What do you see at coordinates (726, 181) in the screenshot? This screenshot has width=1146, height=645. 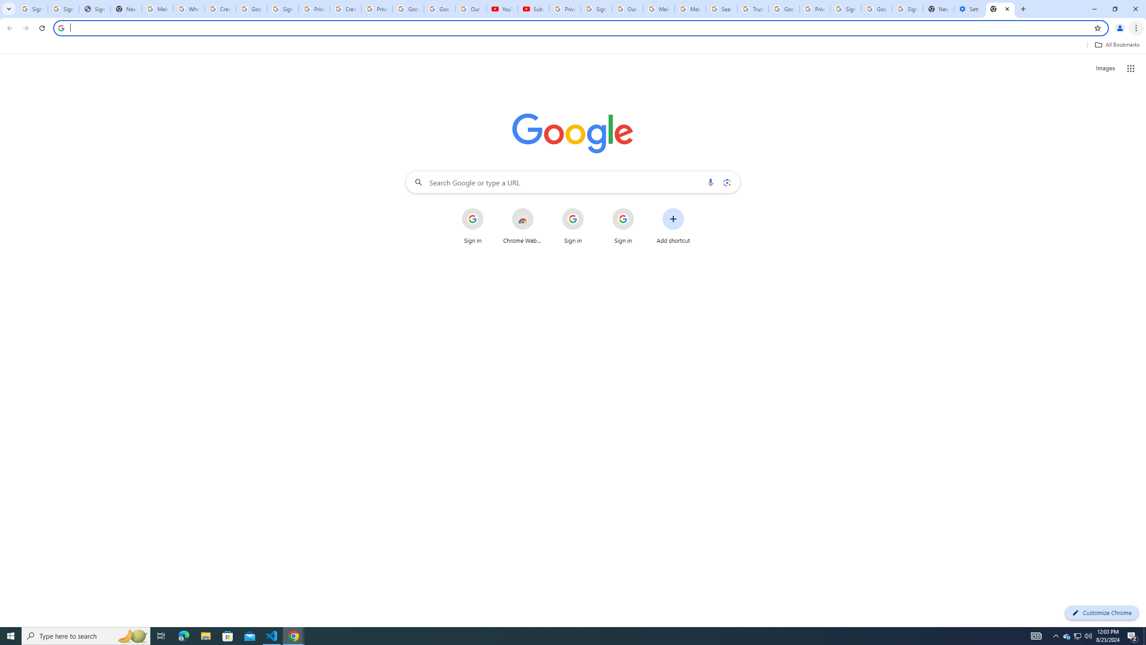 I see `'Search by image'` at bounding box center [726, 181].